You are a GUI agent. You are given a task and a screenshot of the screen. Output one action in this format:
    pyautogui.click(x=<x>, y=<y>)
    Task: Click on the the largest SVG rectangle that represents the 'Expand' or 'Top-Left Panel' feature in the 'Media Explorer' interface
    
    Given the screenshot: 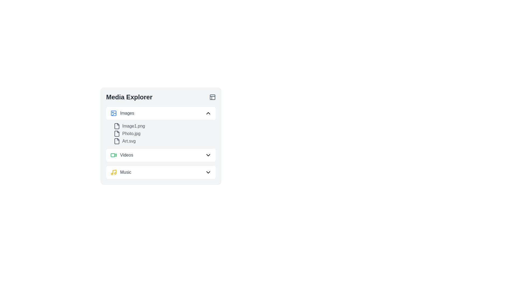 What is the action you would take?
    pyautogui.click(x=212, y=97)
    